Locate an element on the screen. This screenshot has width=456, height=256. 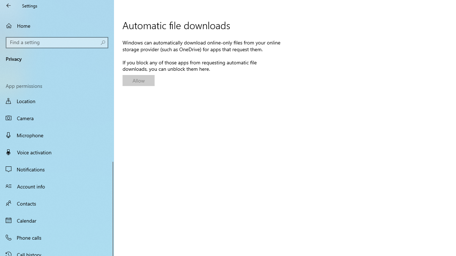
'Search box, Find a setting' is located at coordinates (57, 42).